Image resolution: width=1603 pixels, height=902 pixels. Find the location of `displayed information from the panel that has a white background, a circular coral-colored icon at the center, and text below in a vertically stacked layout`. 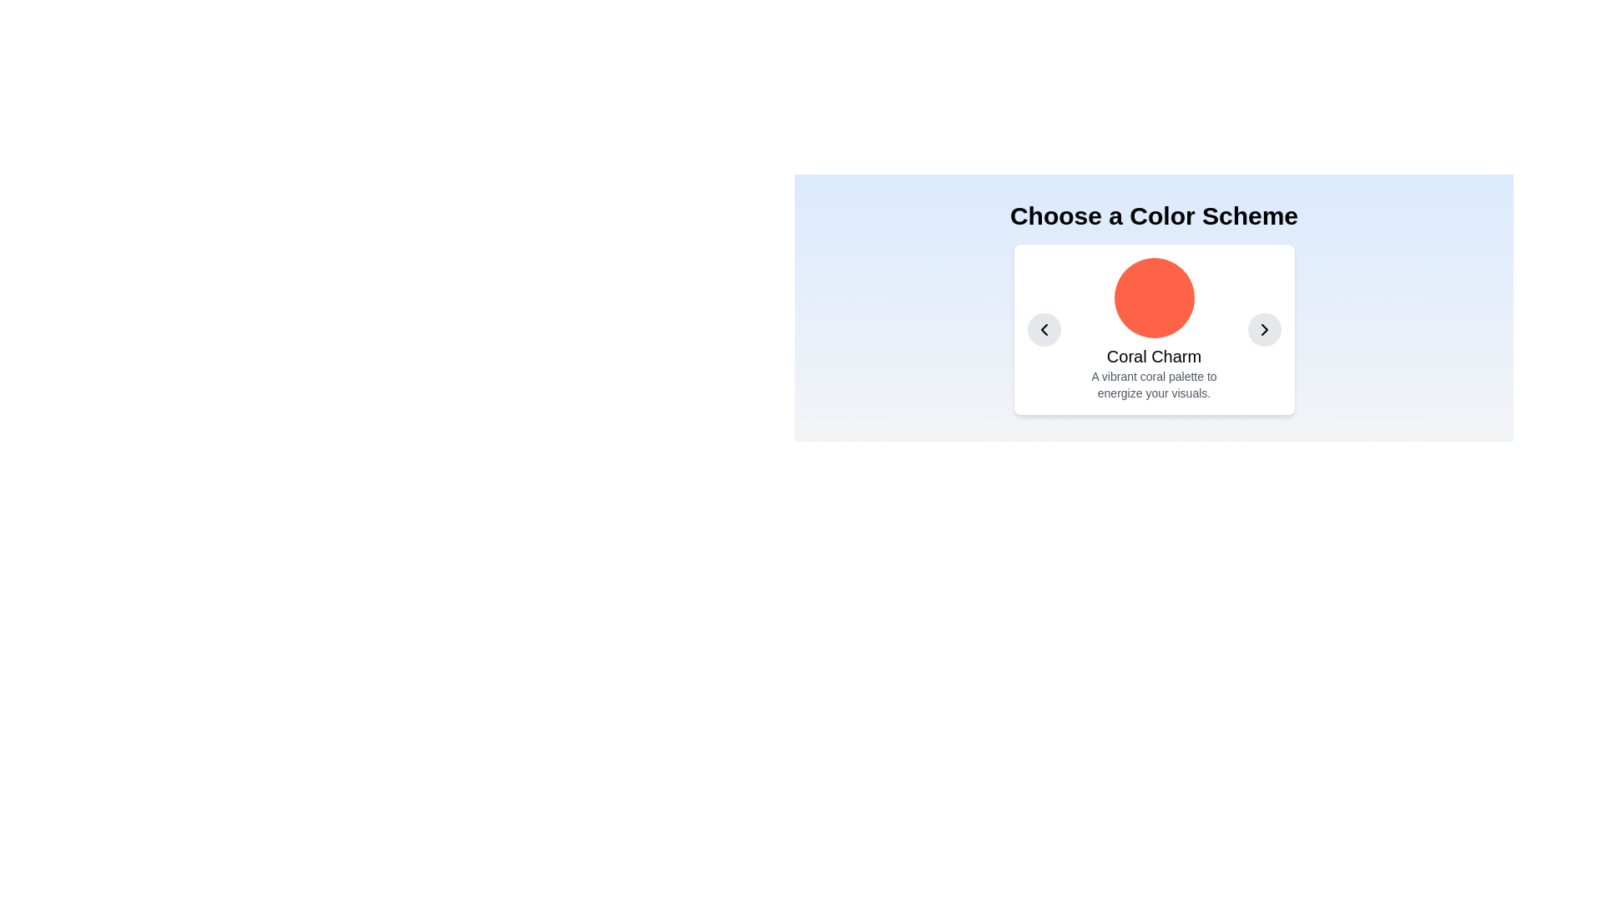

displayed information from the panel that has a white background, a circular coral-colored icon at the center, and text below in a vertically stacked layout is located at coordinates (1153, 331).